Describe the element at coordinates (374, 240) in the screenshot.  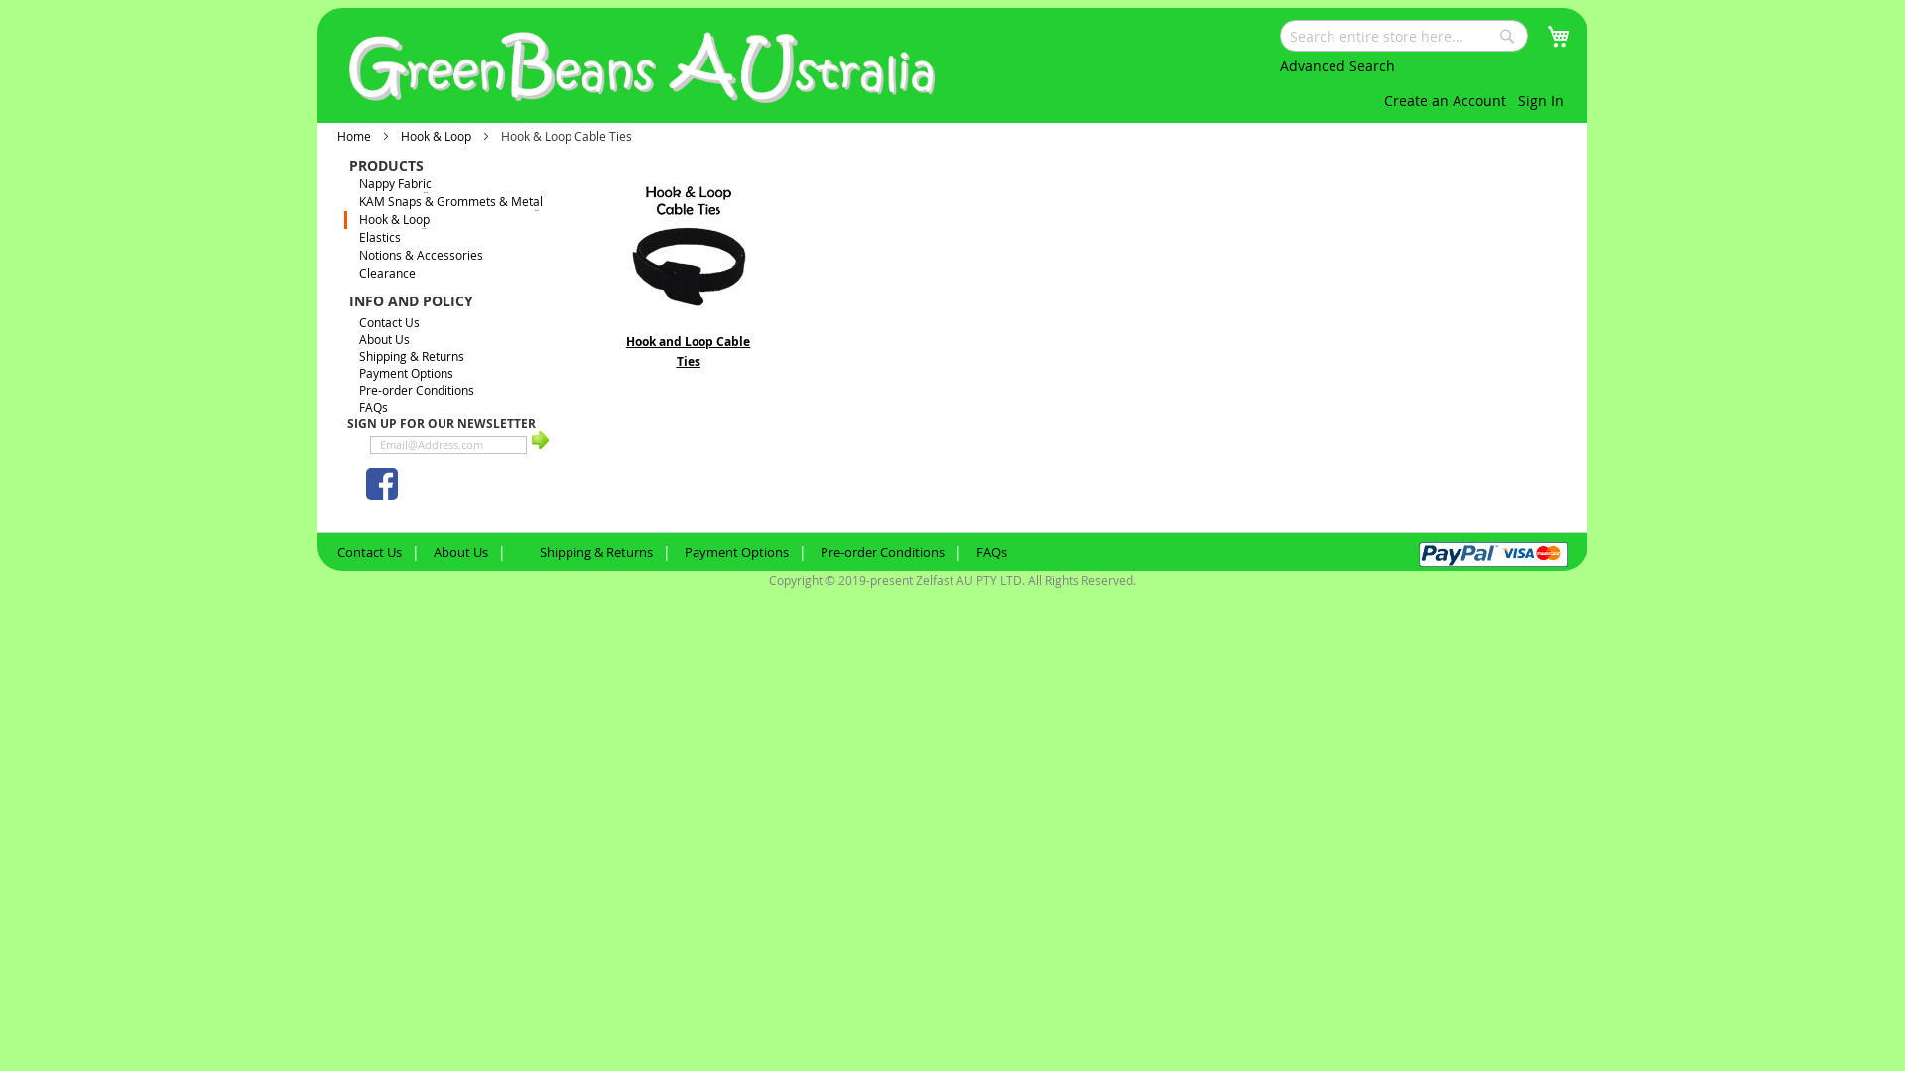
I see `'Elastics'` at that location.